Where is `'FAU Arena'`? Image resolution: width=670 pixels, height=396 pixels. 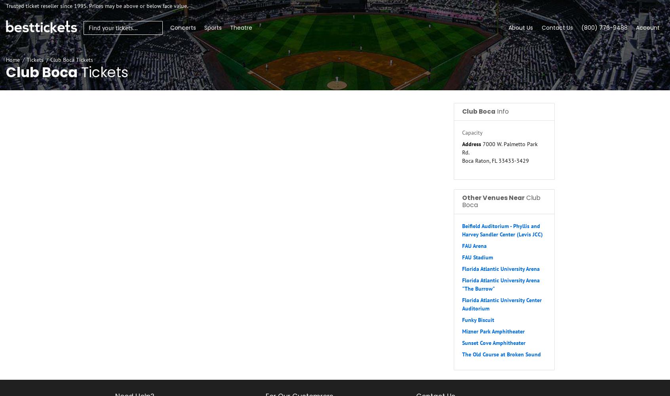
'FAU Arena' is located at coordinates (461, 246).